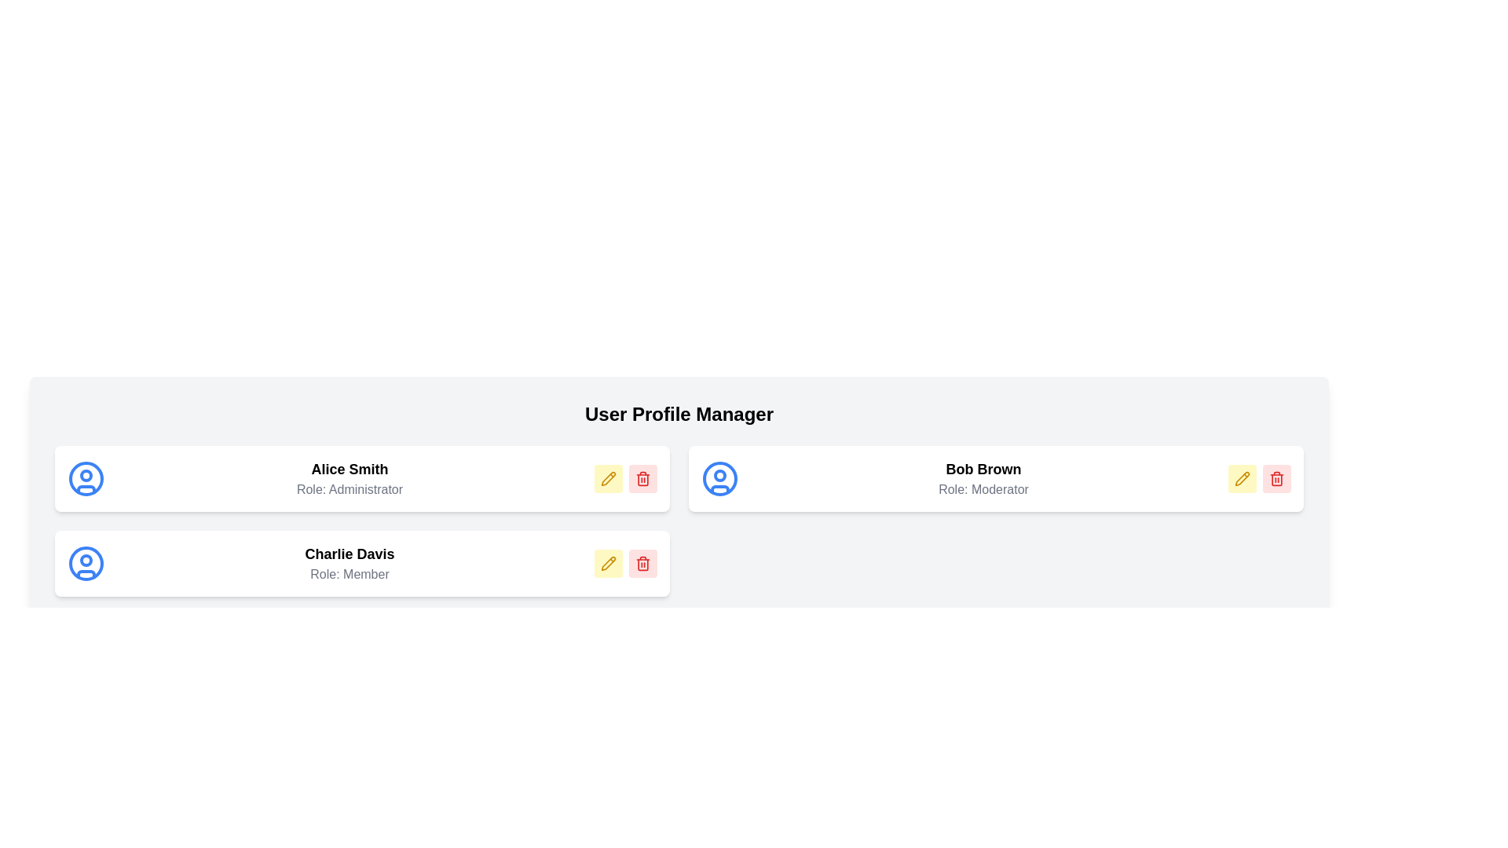  What do you see at coordinates (624, 562) in the screenshot?
I see `the trash bin button located at the bottom-right corner of the 'Charlie Davis' profile card` at bounding box center [624, 562].